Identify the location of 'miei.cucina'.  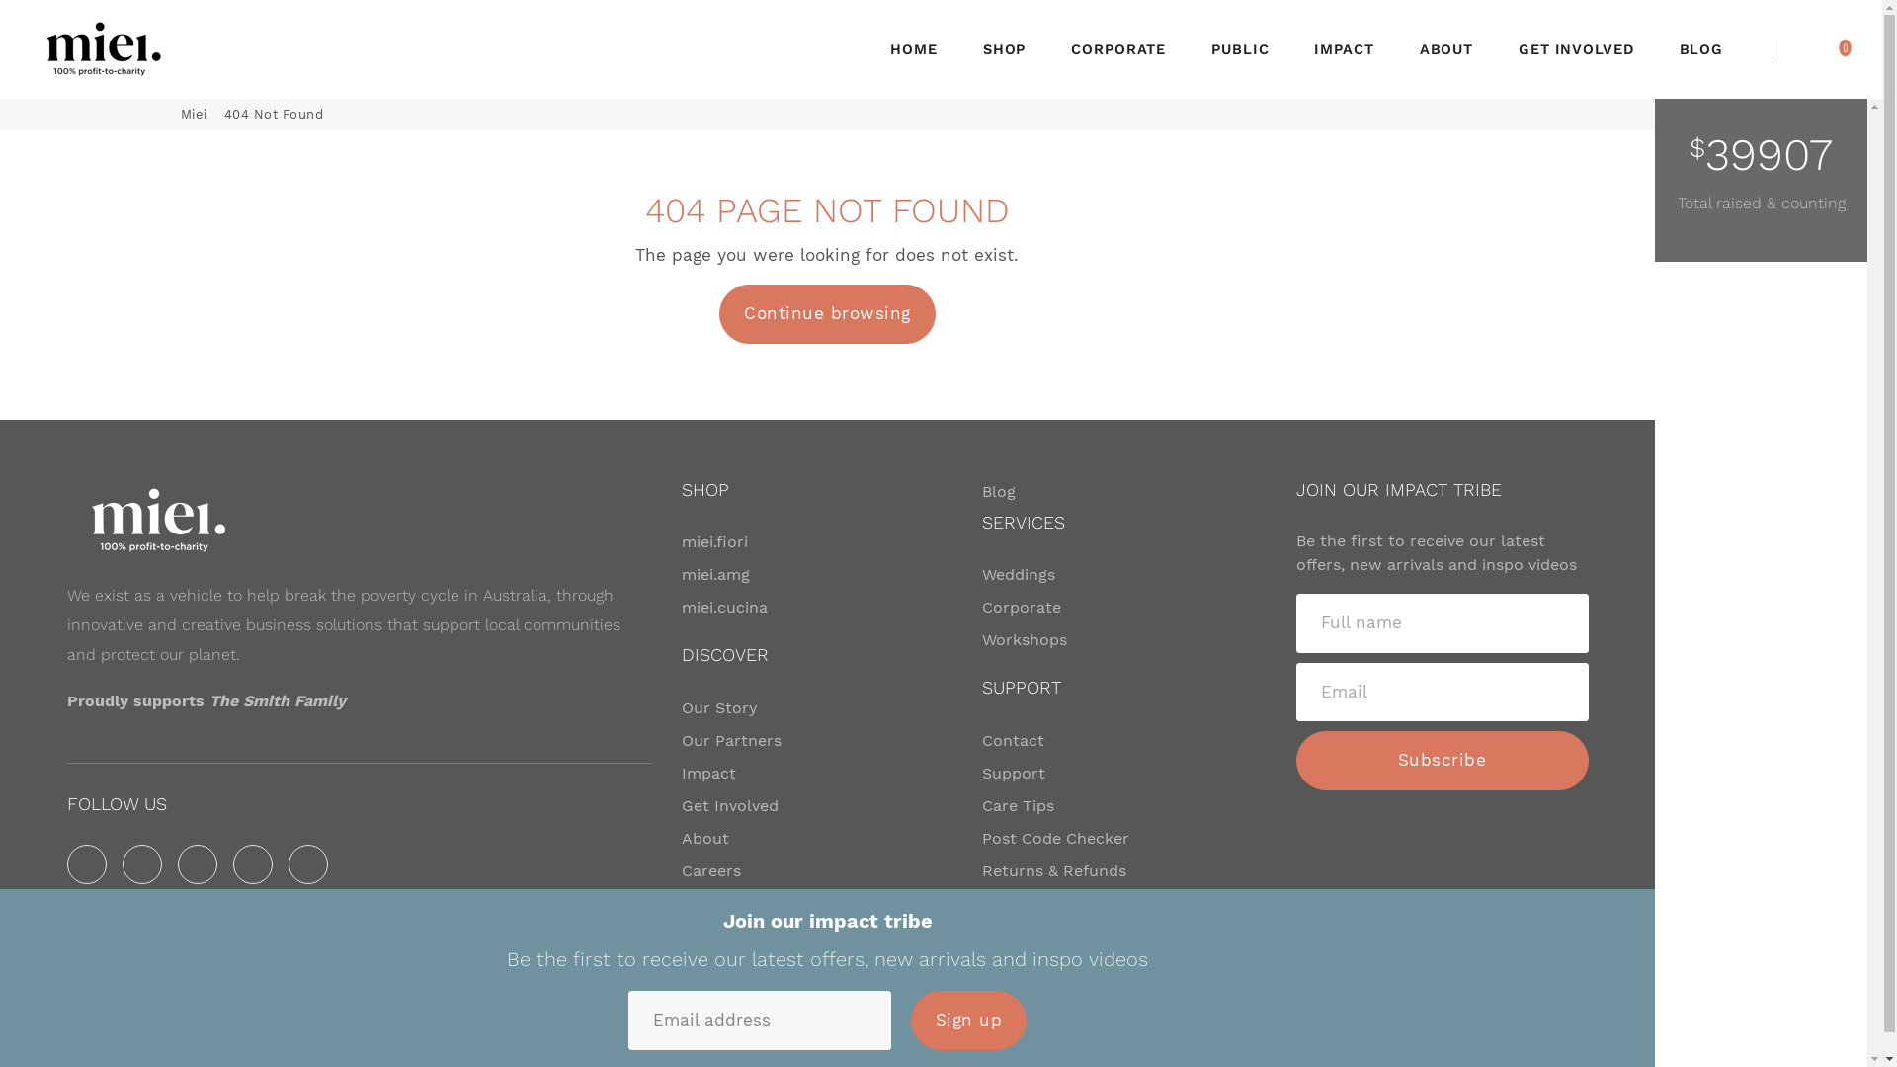
(723, 606).